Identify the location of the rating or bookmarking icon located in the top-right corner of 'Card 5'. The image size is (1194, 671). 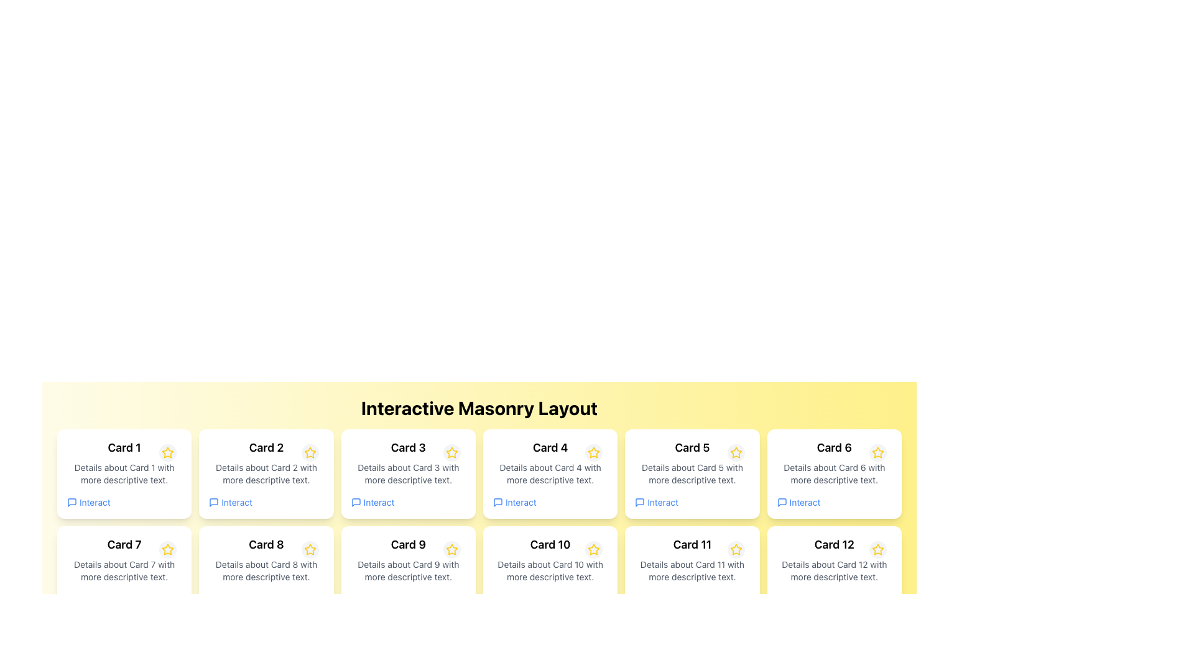
(736, 453).